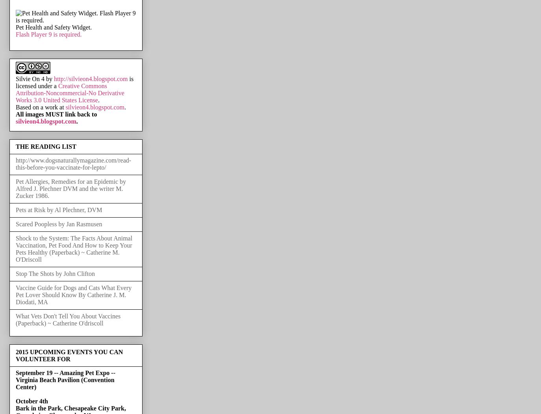 Image resolution: width=541 pixels, height=414 pixels. I want to click on 'September 19 -- Amazing Pet Expo -- Virginia Beach Pavilion (Convention Center)', so click(65, 380).